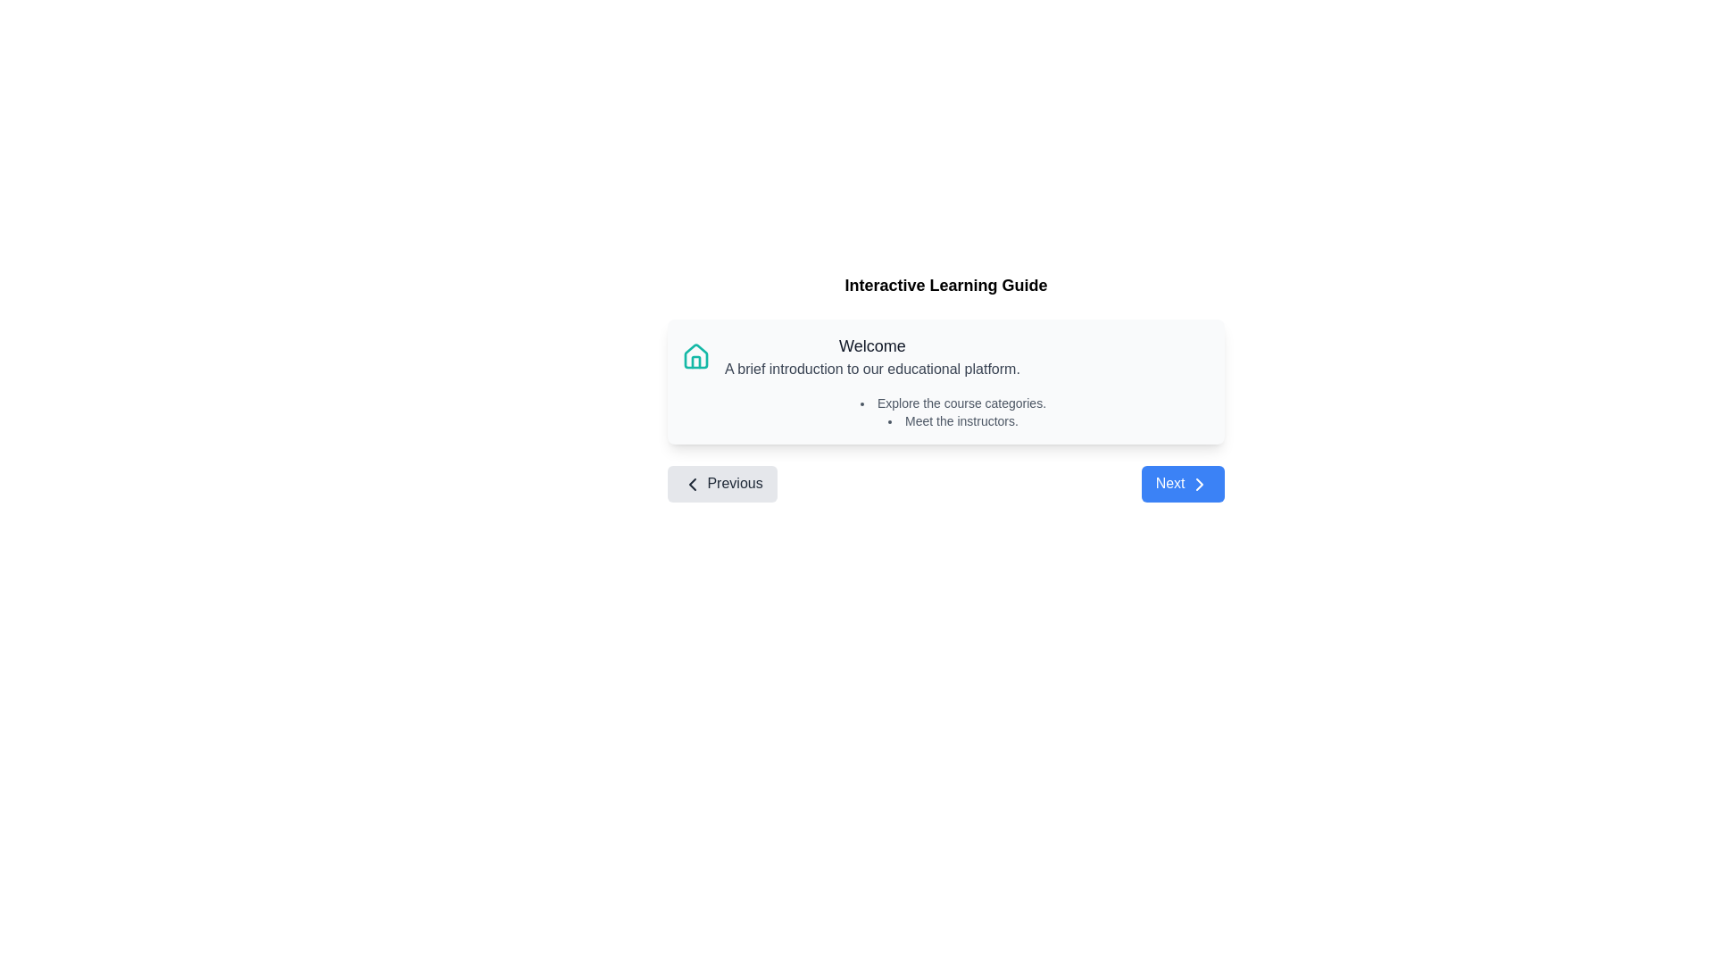 This screenshot has height=964, width=1714. I want to click on the 'Previous' button, which is a rectangular button with a rounded border, gray background, and a left-pointing chevron icon, so click(722, 484).